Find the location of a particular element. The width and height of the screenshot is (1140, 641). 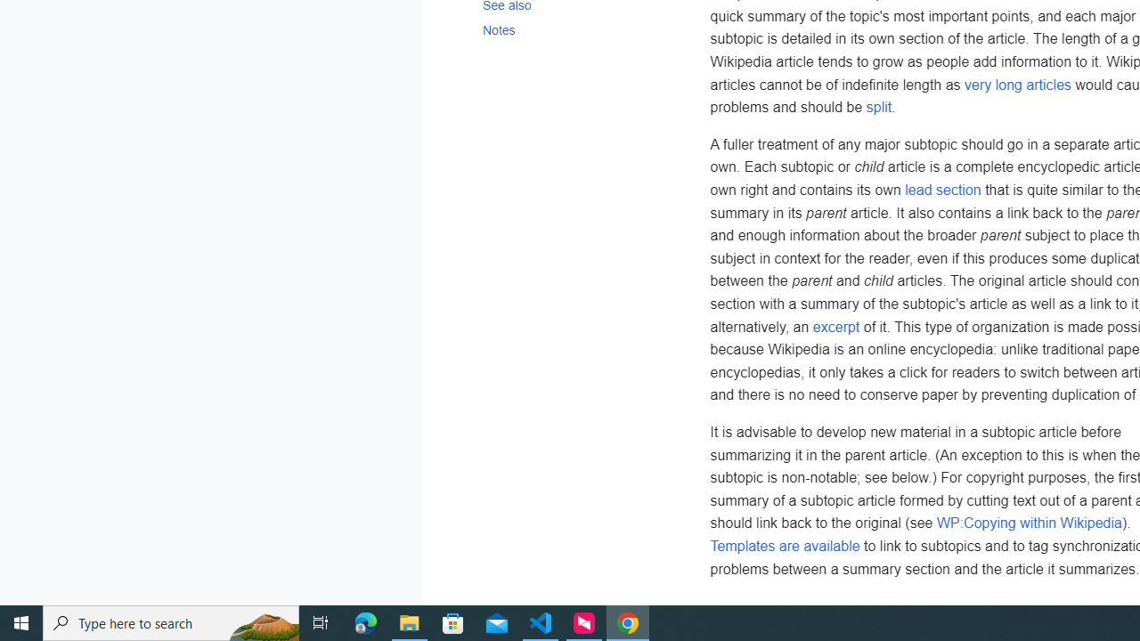

'Templates are available' is located at coordinates (784, 545).